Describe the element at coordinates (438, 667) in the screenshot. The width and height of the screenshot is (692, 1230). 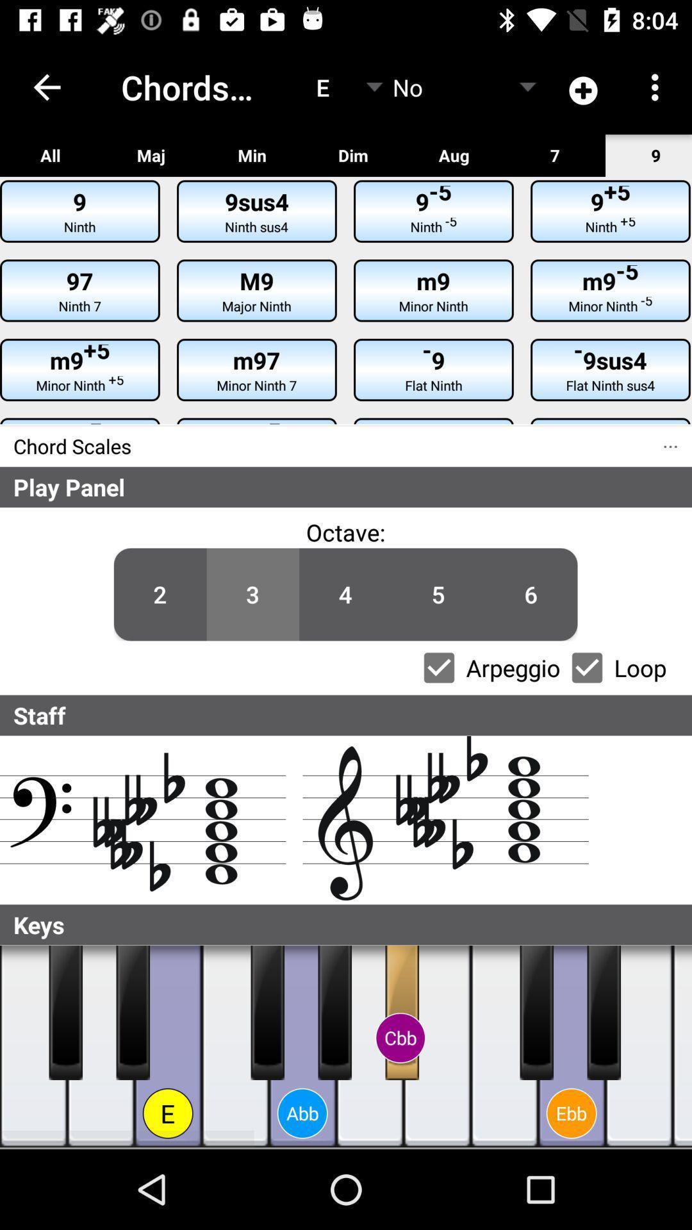
I see `arpeggio` at that location.